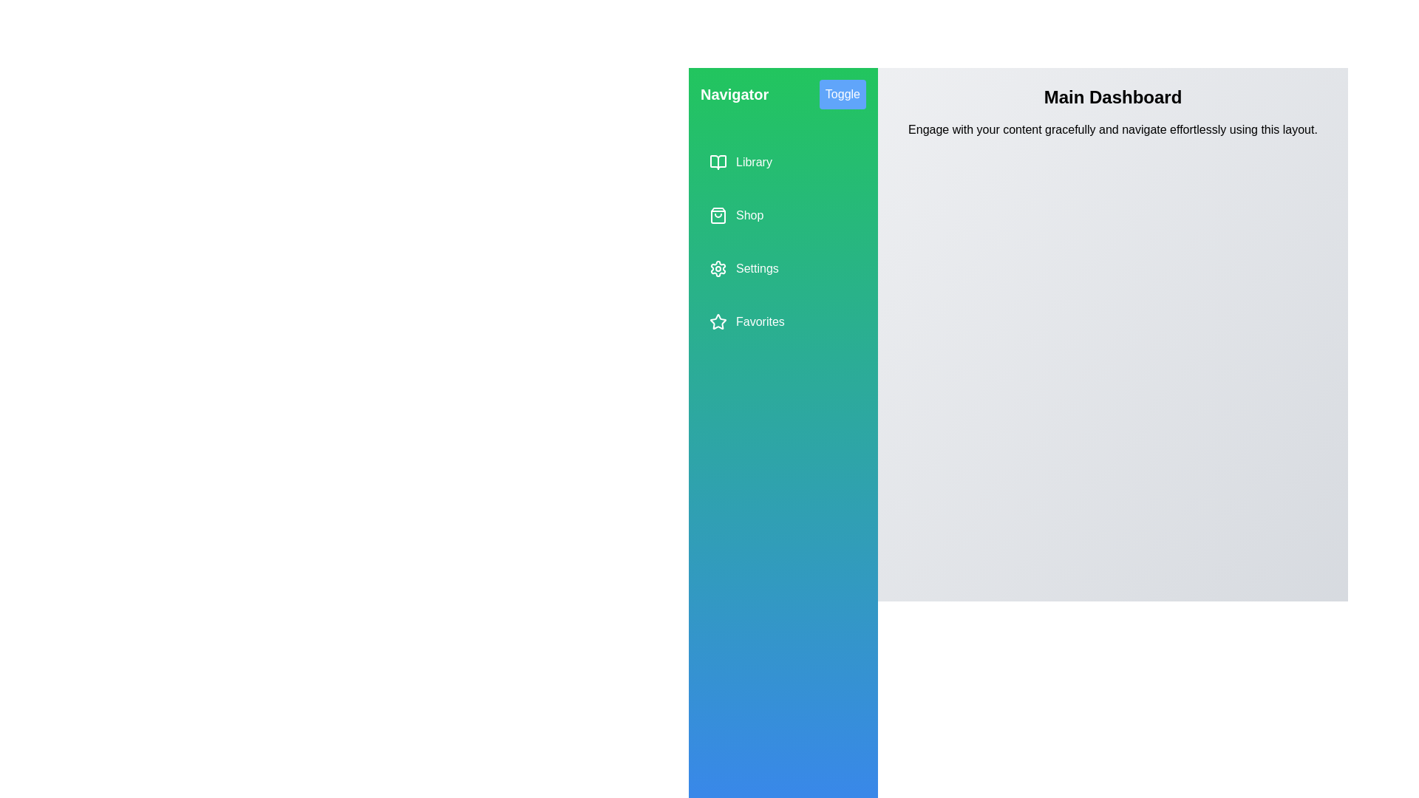  I want to click on the menu item Shop from the drawer, so click(783, 216).